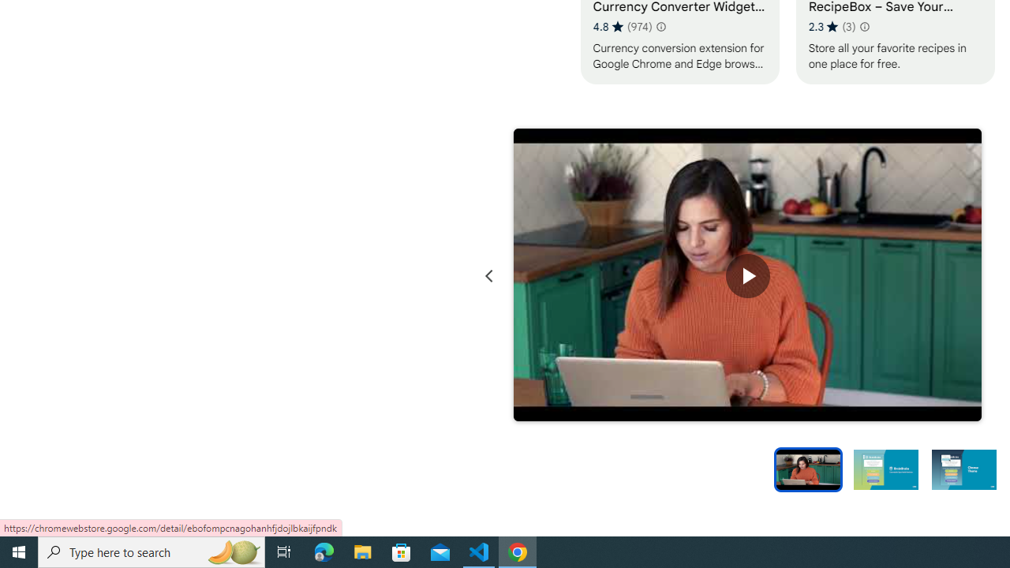  I want to click on 'Average rating 2.3 out of 5 stars. 3 ratings.', so click(831, 26).